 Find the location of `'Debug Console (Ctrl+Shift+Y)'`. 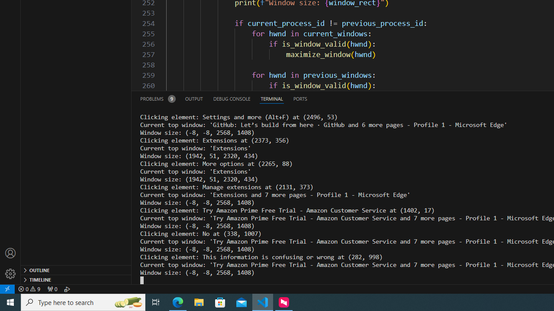

'Debug Console (Ctrl+Shift+Y)' is located at coordinates (232, 98).